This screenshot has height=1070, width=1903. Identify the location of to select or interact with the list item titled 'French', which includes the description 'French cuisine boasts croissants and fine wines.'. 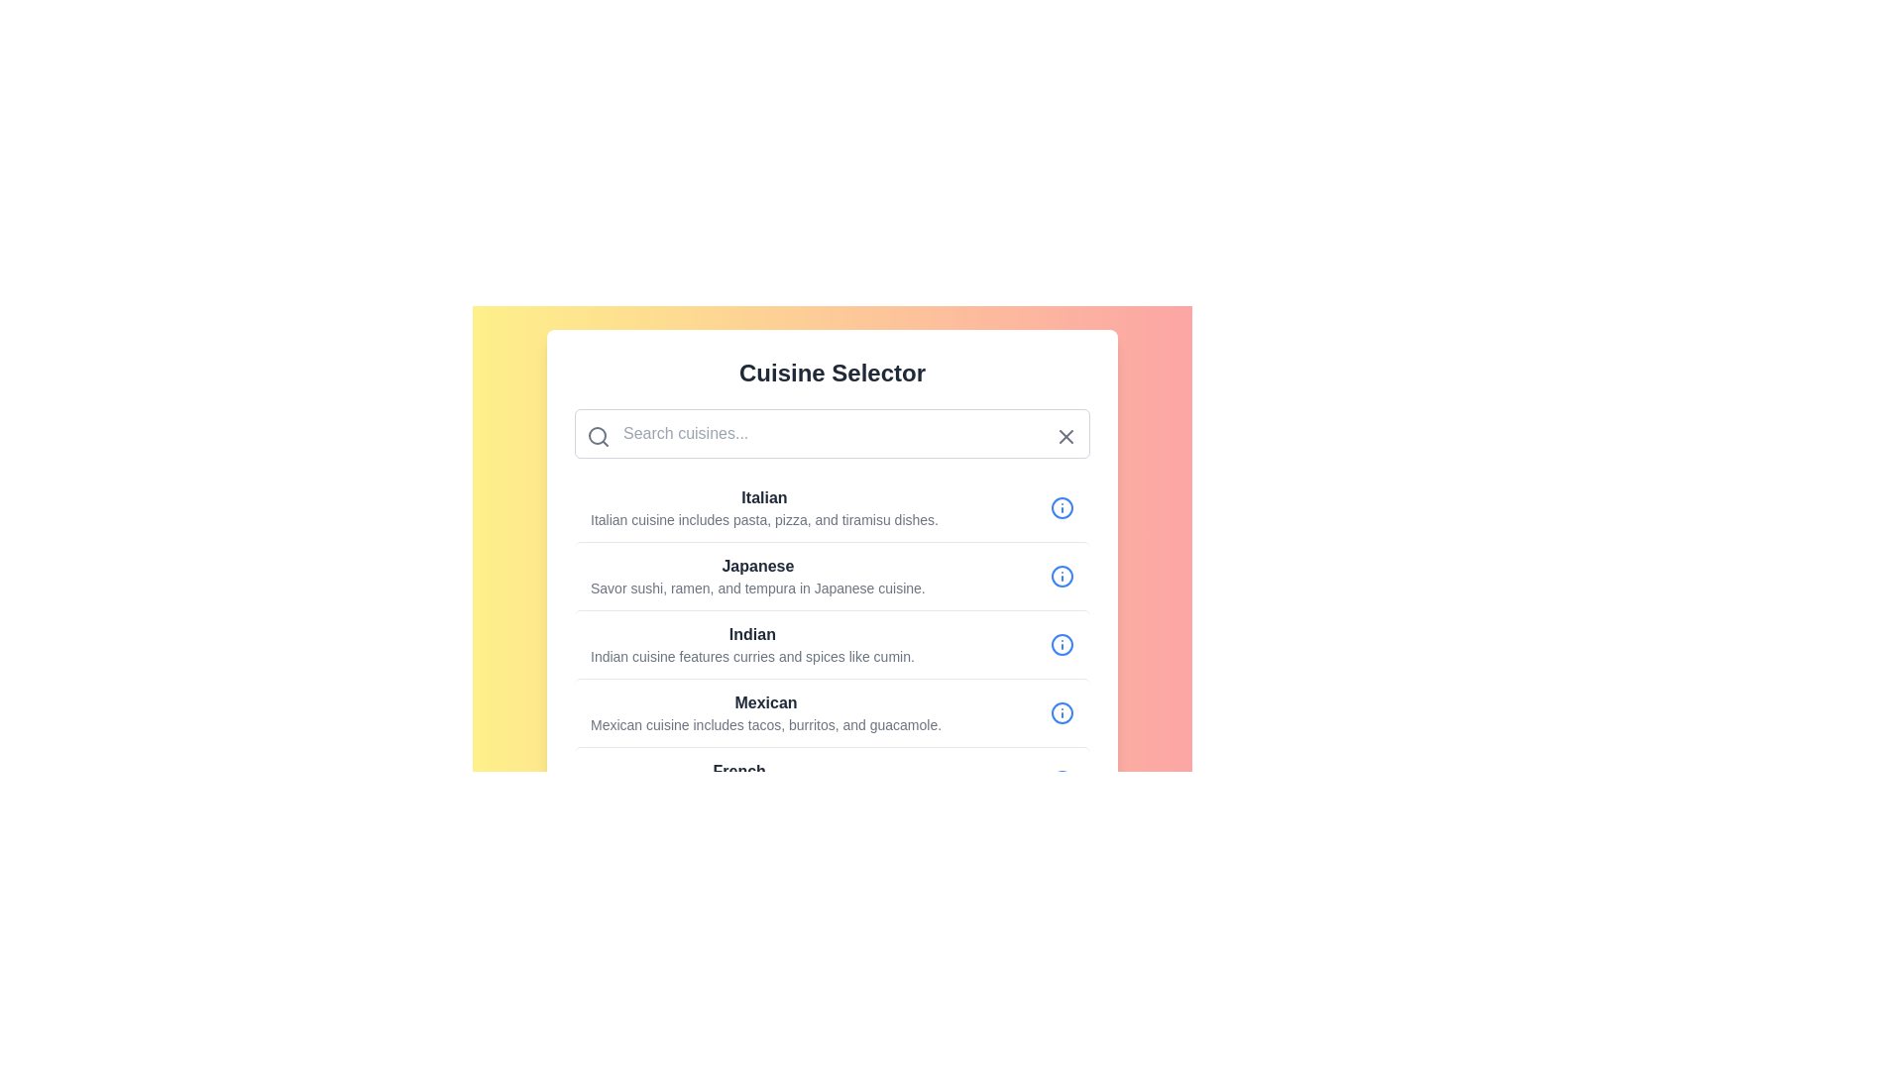
(833, 779).